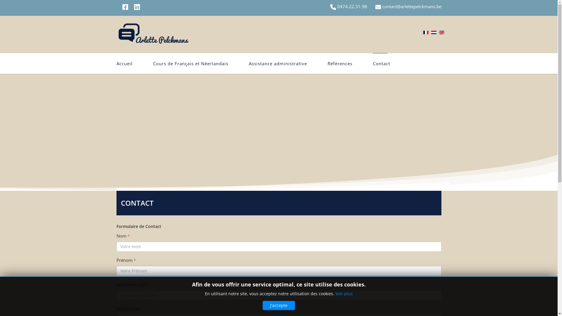 Image resolution: width=562 pixels, height=316 pixels. What do you see at coordinates (129, 63) in the screenshot?
I see `'Accueil'` at bounding box center [129, 63].